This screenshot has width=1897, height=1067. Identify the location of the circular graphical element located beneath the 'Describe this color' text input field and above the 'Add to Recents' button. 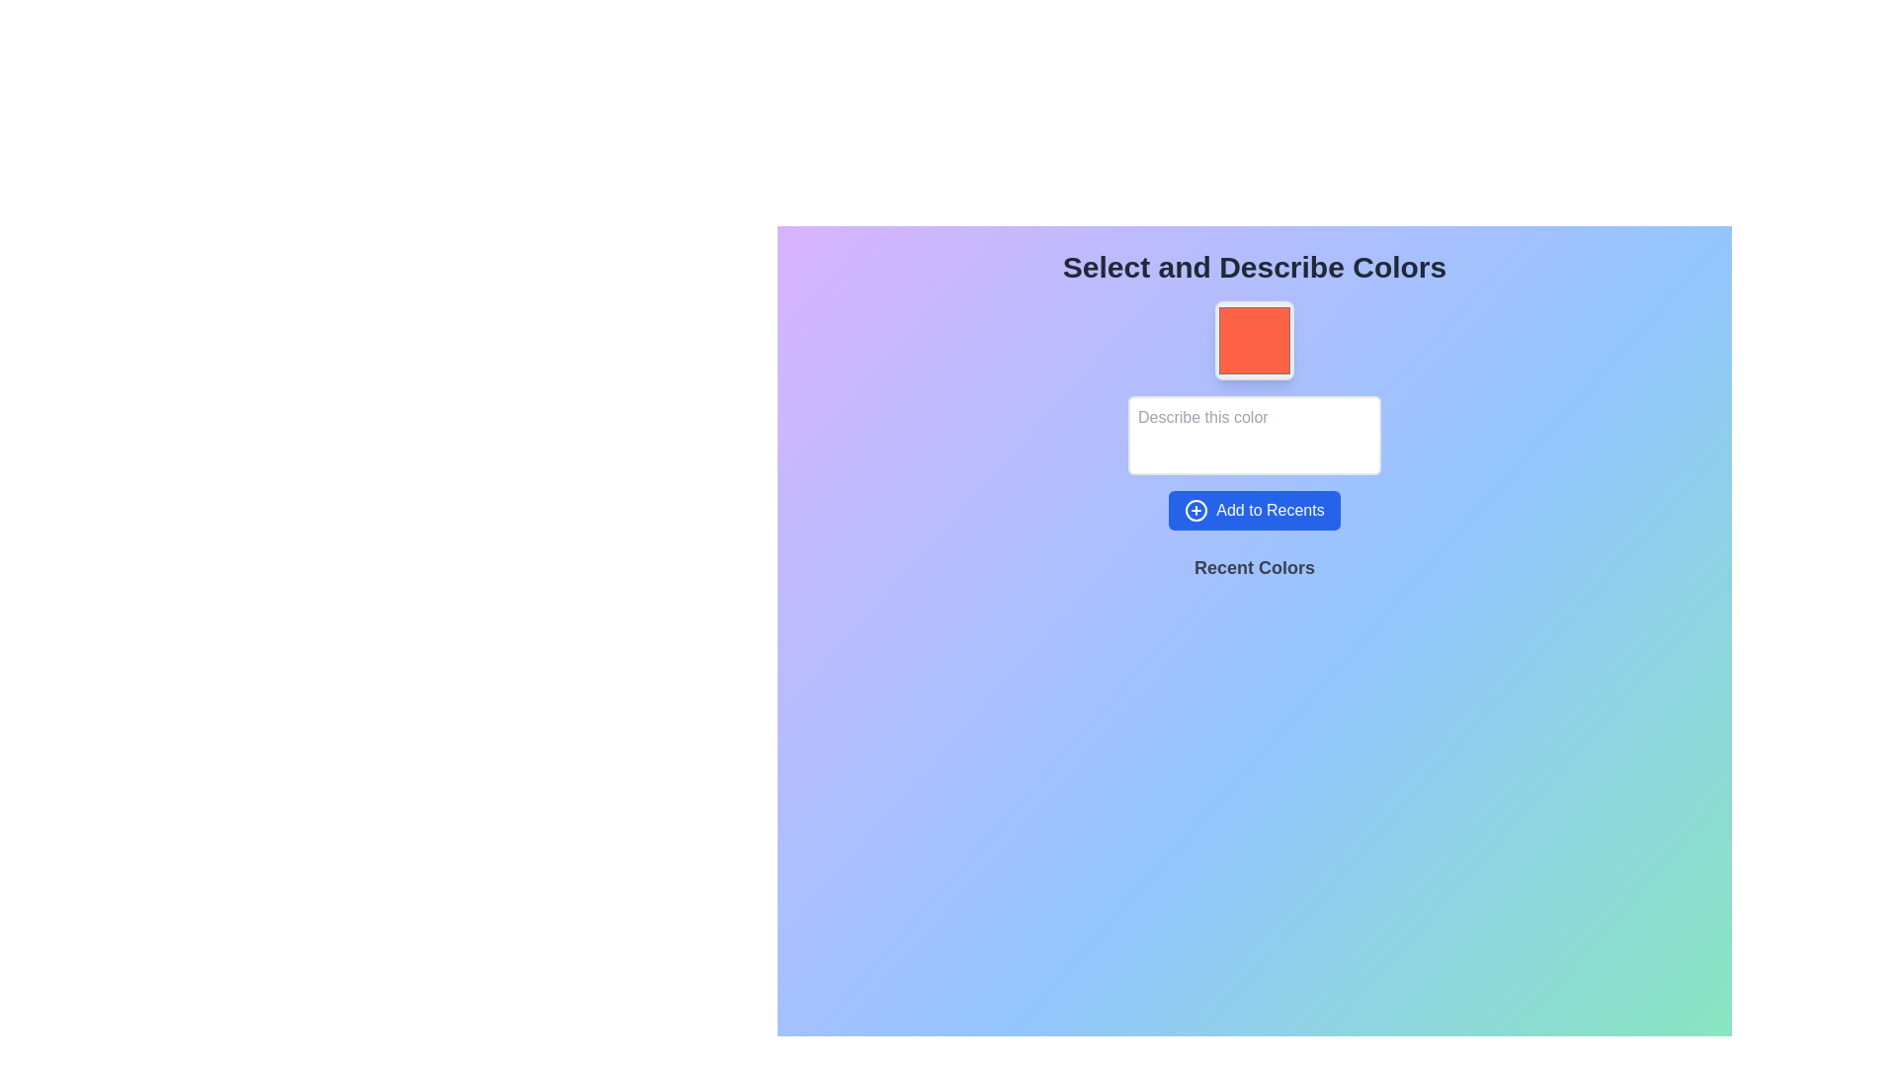
(1196, 509).